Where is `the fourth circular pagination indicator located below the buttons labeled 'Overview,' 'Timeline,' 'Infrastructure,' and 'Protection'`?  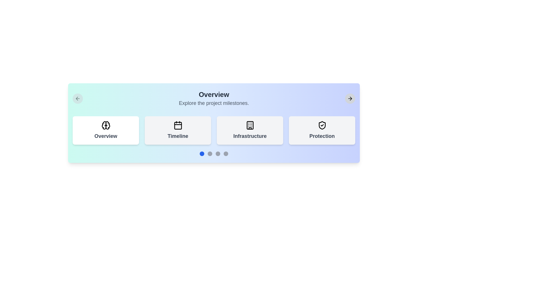 the fourth circular pagination indicator located below the buttons labeled 'Overview,' 'Timeline,' 'Infrastructure,' and 'Protection' is located at coordinates (225, 153).